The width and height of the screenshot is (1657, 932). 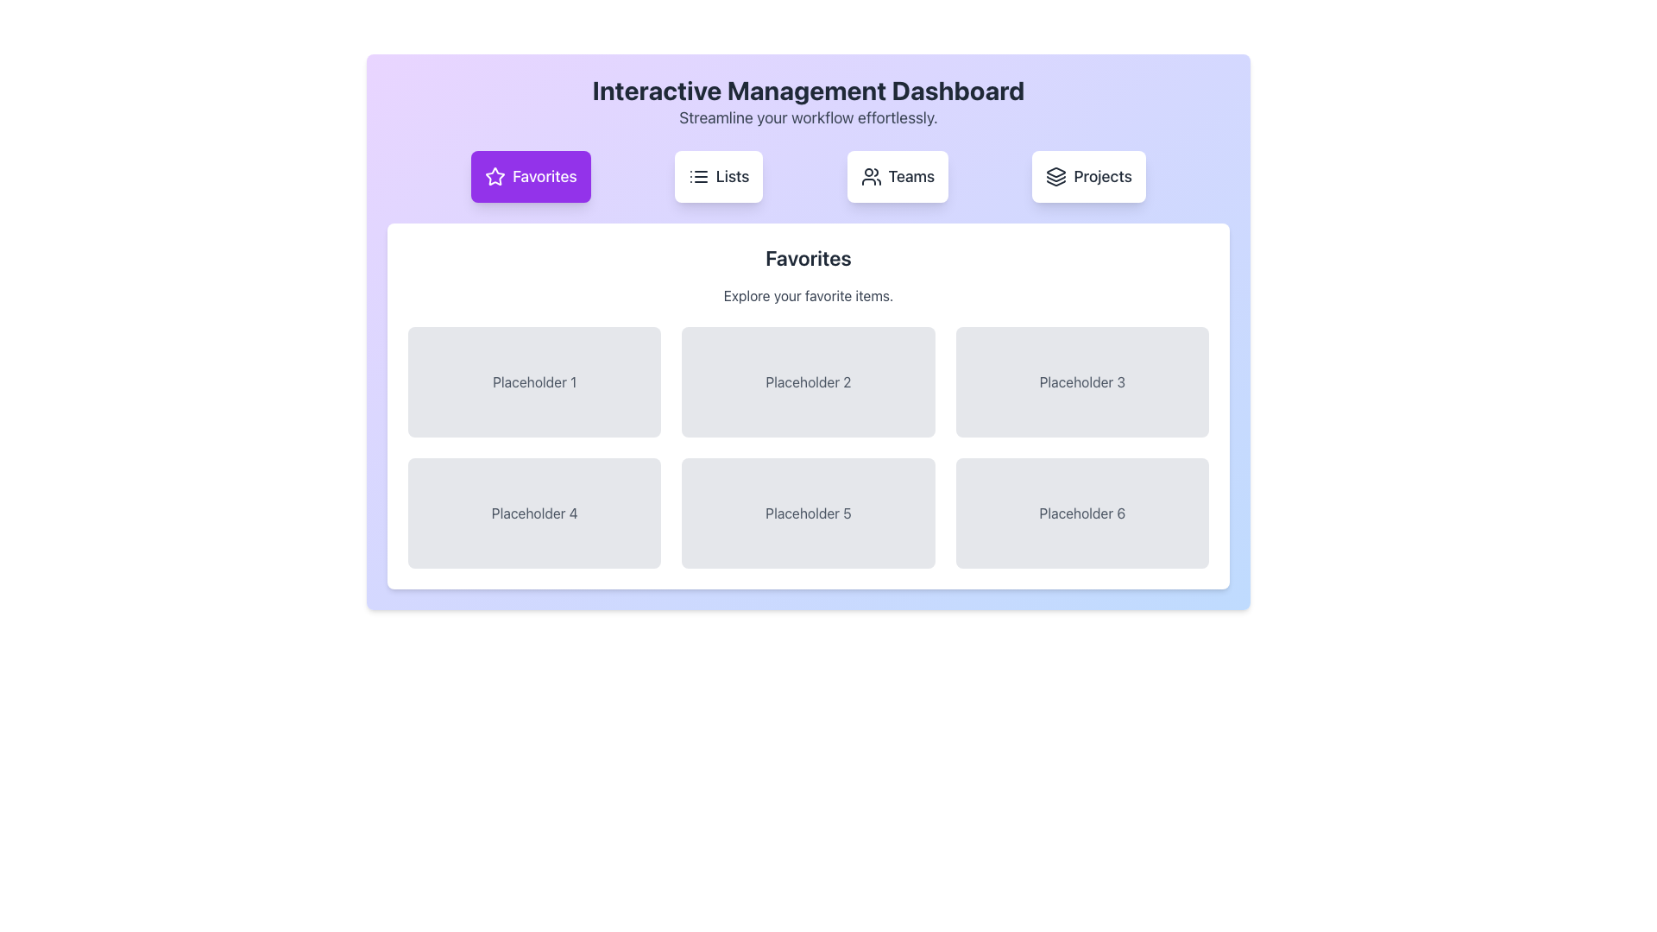 What do you see at coordinates (533, 512) in the screenshot?
I see `the text element displaying 'Placeholder 4' in gray color, located in the second row of the grid layout in the 'Favorites' section` at bounding box center [533, 512].